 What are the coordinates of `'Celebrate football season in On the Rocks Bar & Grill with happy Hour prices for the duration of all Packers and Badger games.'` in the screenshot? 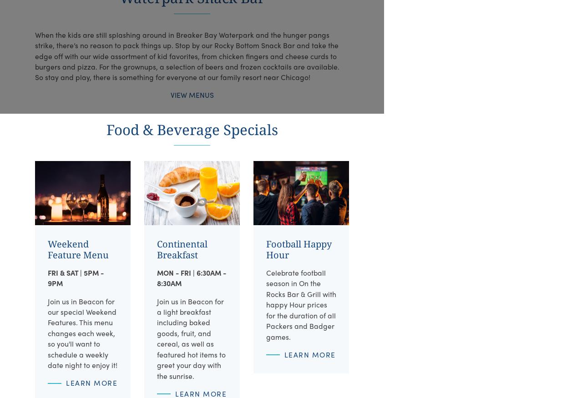 It's located at (300, 304).